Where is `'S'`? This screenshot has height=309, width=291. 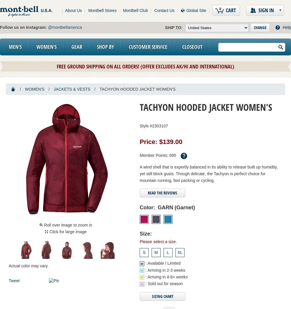 'S' is located at coordinates (144, 252).